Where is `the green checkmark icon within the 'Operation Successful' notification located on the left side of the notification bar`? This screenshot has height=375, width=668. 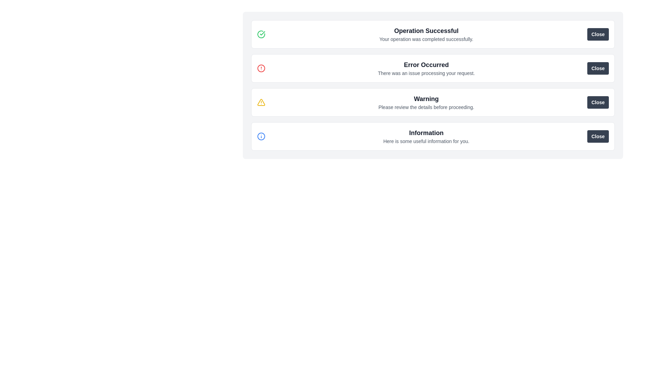 the green checkmark icon within the 'Operation Successful' notification located on the left side of the notification bar is located at coordinates (261, 34).